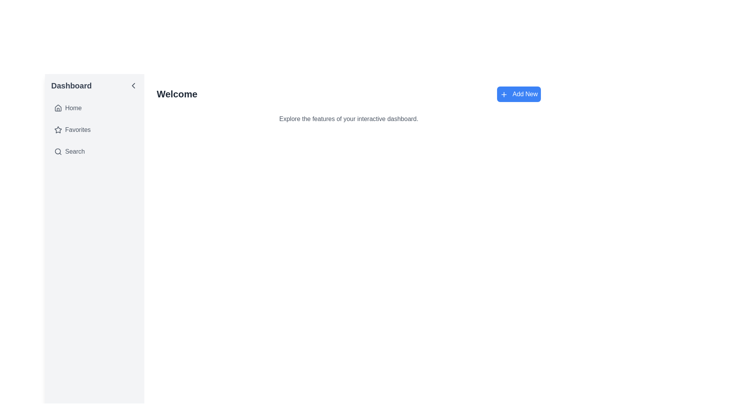 Image resolution: width=745 pixels, height=419 pixels. Describe the element at coordinates (133, 85) in the screenshot. I see `the navigational control button located in the top-right corner of the sidebar labeled 'Dashboard'` at that location.